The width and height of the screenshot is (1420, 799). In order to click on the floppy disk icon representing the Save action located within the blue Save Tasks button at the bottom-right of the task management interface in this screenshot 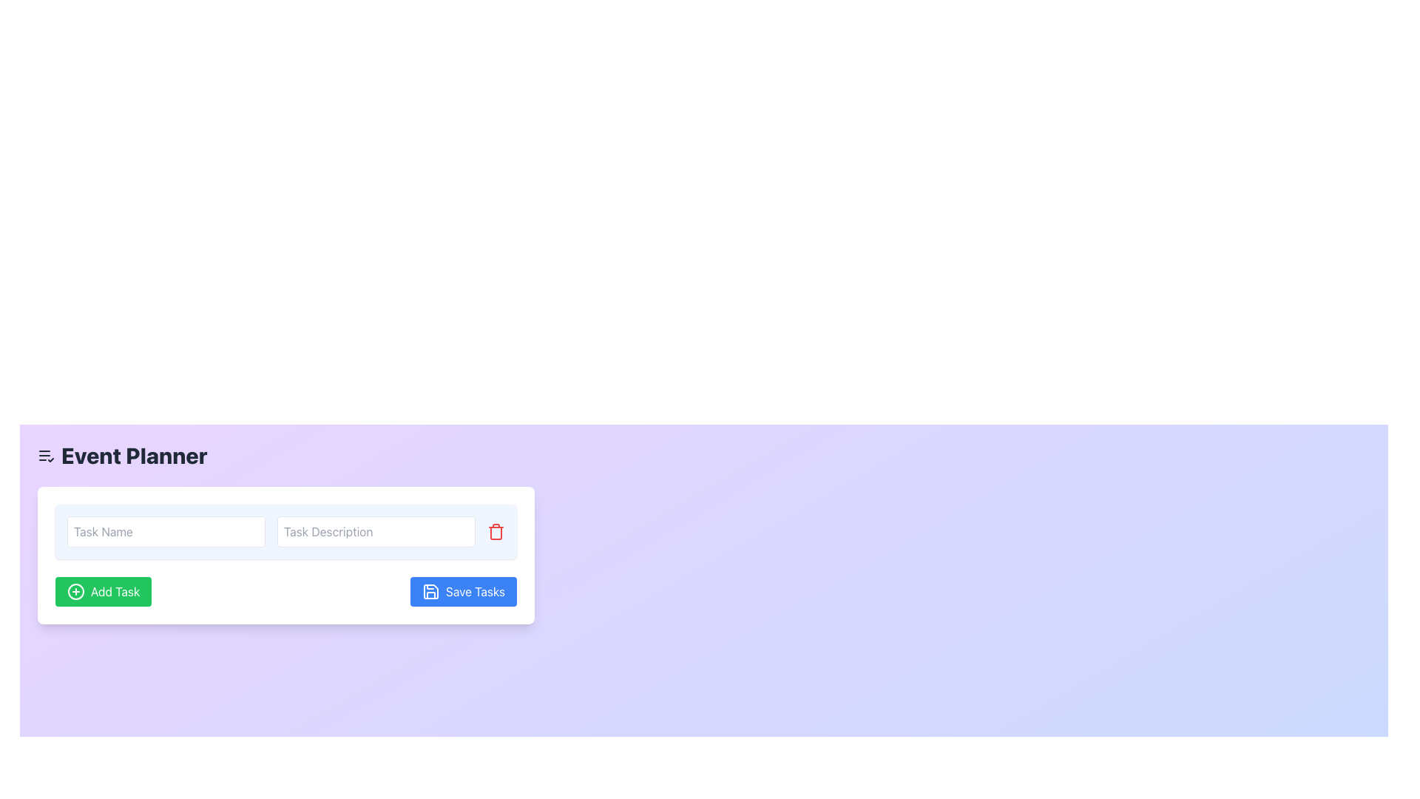, I will do `click(430, 590)`.